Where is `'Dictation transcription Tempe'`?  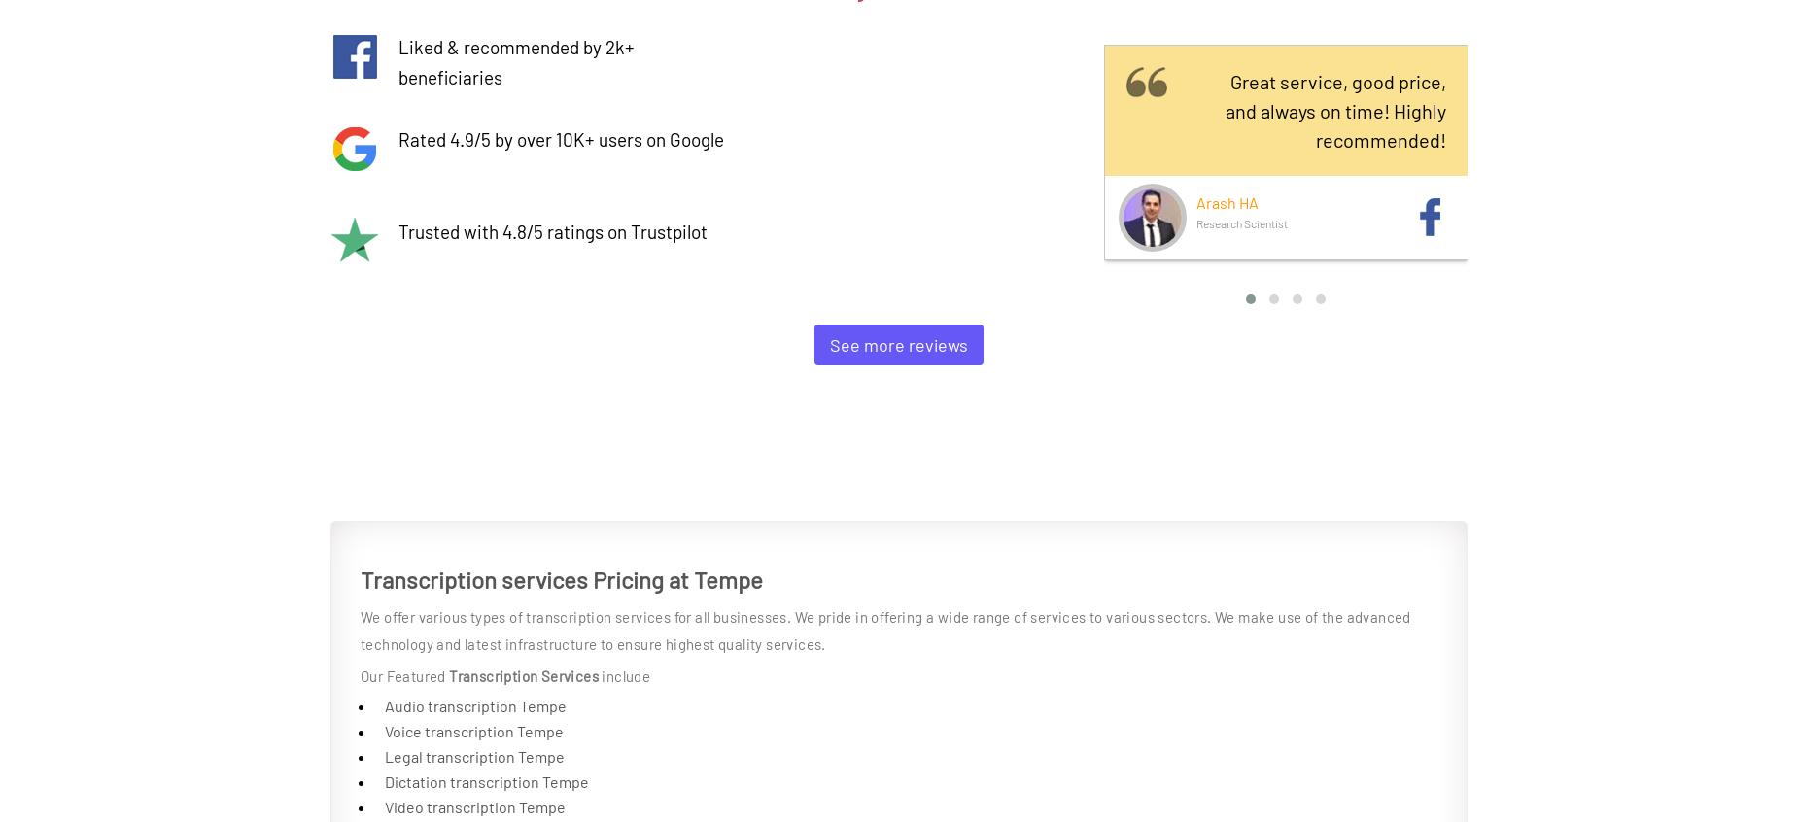 'Dictation transcription Tempe' is located at coordinates (486, 781).